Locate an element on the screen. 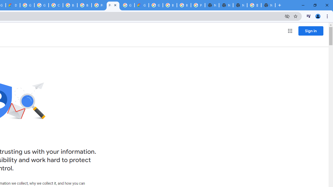  'Google Cloud Estimate Summary' is located at coordinates (142, 5).